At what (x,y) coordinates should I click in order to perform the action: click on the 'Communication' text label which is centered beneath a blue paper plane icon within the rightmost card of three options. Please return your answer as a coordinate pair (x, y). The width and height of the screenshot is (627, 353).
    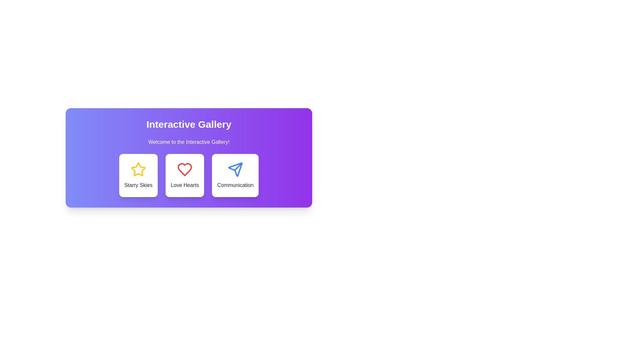
    Looking at the image, I should click on (235, 185).